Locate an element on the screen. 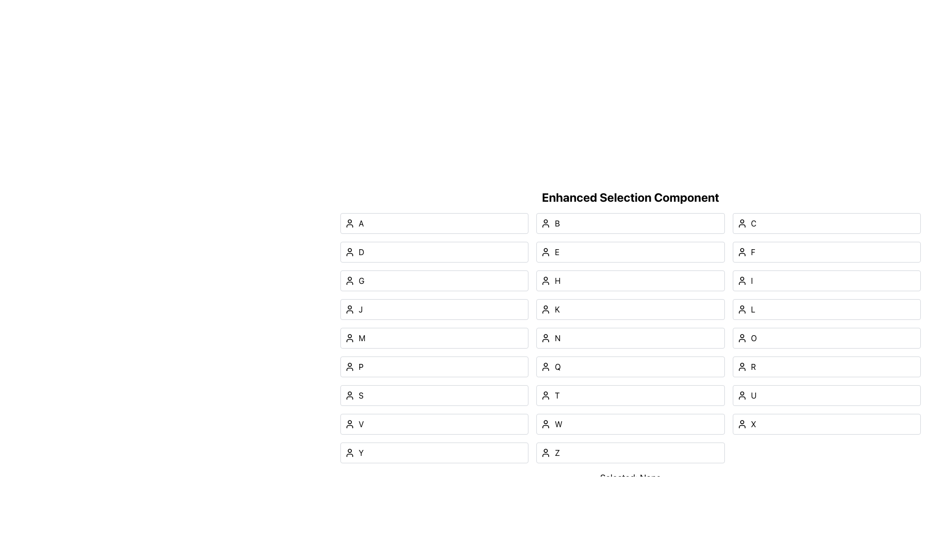  the button labeled 'U' located in the bottom-right section of the grid, specifically in the third column of the eighth row is located at coordinates (826, 395).